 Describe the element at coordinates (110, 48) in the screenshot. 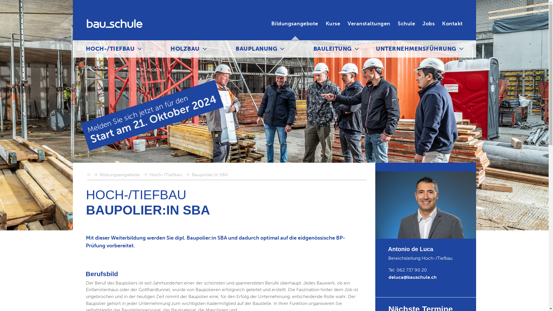

I see `'HOCH-/TIEFBAU'` at that location.